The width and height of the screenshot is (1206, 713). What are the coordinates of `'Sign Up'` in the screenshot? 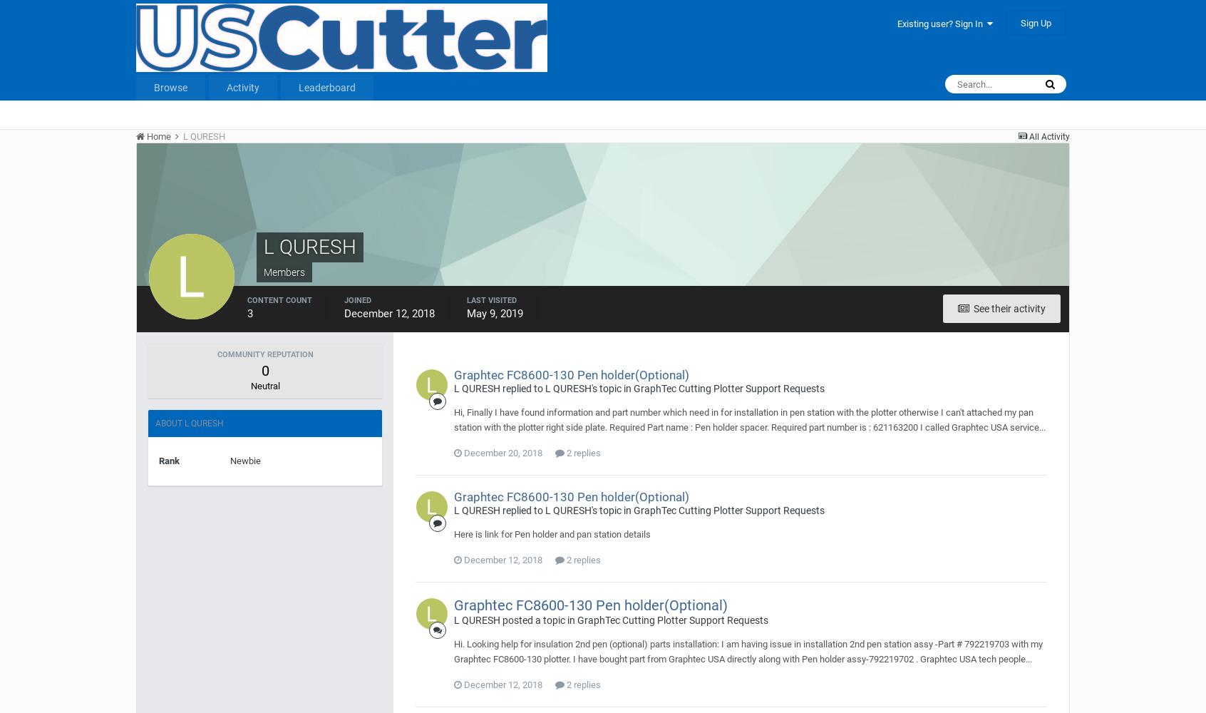 It's located at (1035, 23).